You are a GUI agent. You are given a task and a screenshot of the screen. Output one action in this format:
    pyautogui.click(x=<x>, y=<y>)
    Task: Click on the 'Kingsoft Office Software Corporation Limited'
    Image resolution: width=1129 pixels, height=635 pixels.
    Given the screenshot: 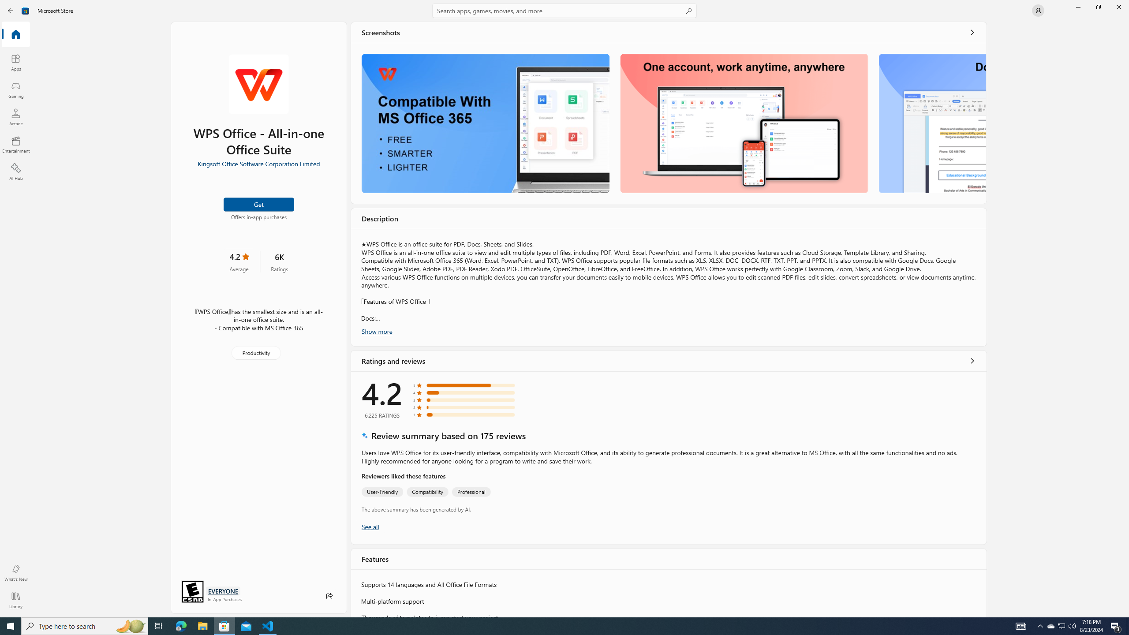 What is the action you would take?
    pyautogui.click(x=258, y=163)
    